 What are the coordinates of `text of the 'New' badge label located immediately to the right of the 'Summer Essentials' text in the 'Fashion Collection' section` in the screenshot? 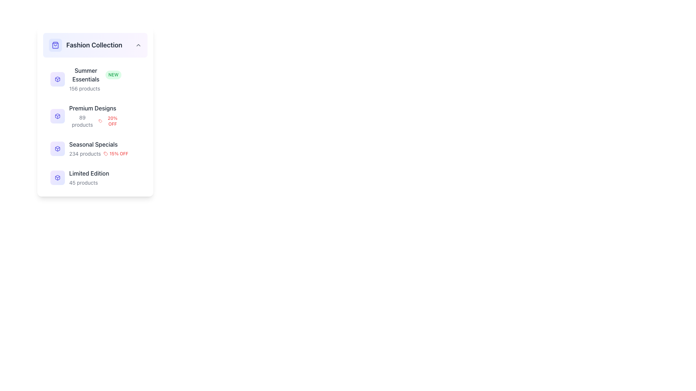 It's located at (113, 75).